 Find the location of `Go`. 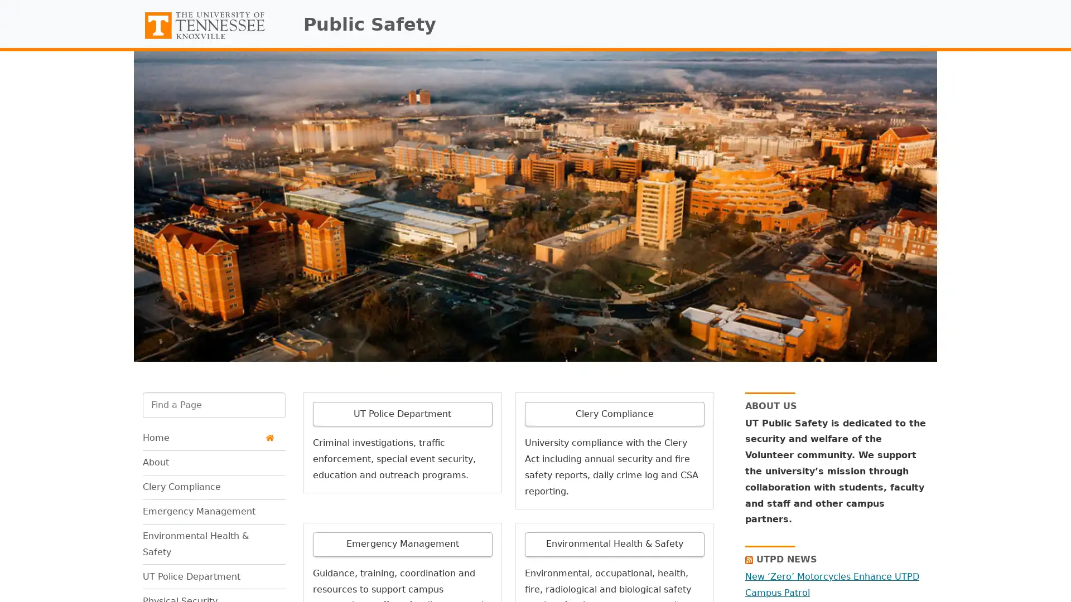

Go is located at coordinates (142, 425).